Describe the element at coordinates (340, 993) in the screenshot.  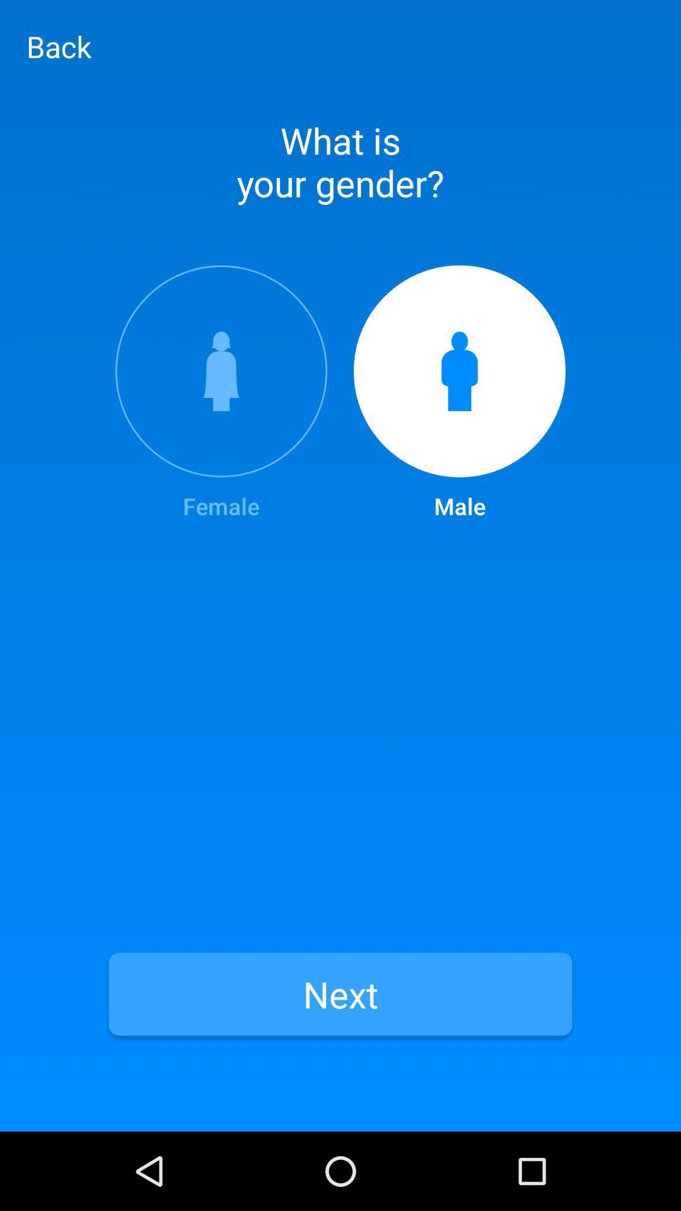
I see `the item below the female` at that location.